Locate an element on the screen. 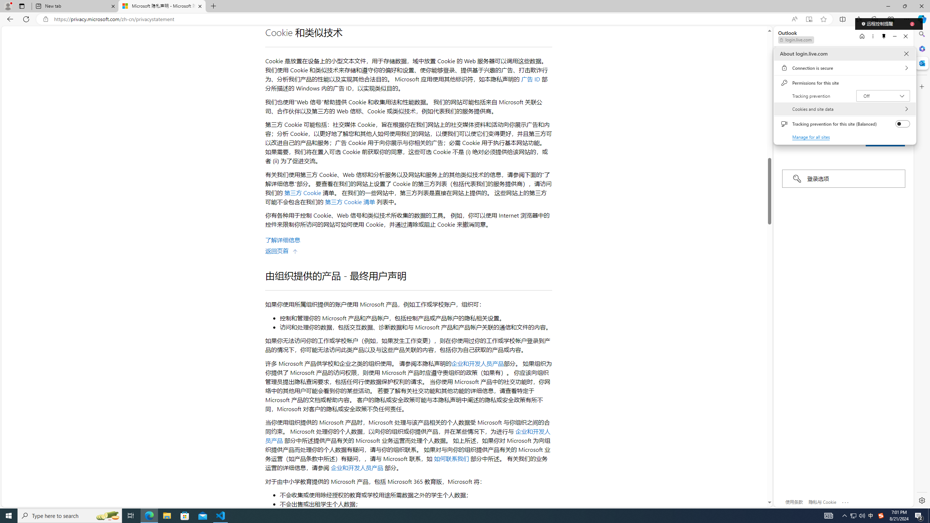 The height and width of the screenshot is (523, 930). 'Task View' is located at coordinates (130, 515).